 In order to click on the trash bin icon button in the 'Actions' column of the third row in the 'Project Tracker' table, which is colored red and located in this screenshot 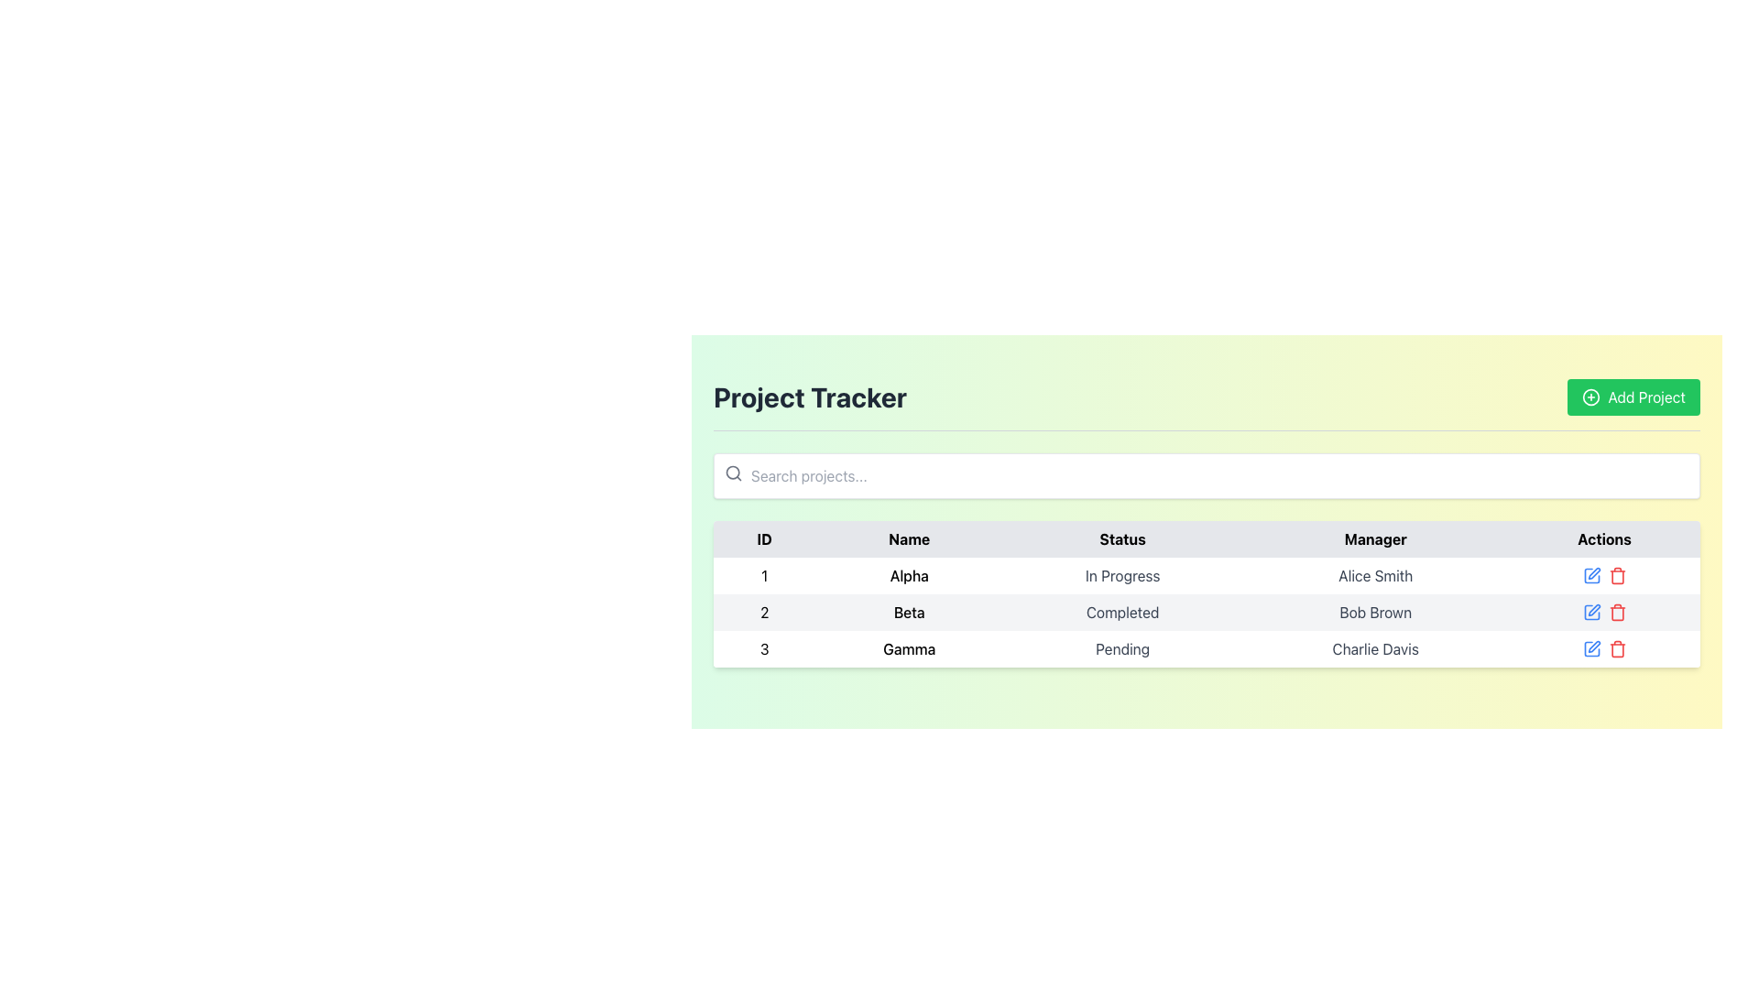, I will do `click(1617, 574)`.